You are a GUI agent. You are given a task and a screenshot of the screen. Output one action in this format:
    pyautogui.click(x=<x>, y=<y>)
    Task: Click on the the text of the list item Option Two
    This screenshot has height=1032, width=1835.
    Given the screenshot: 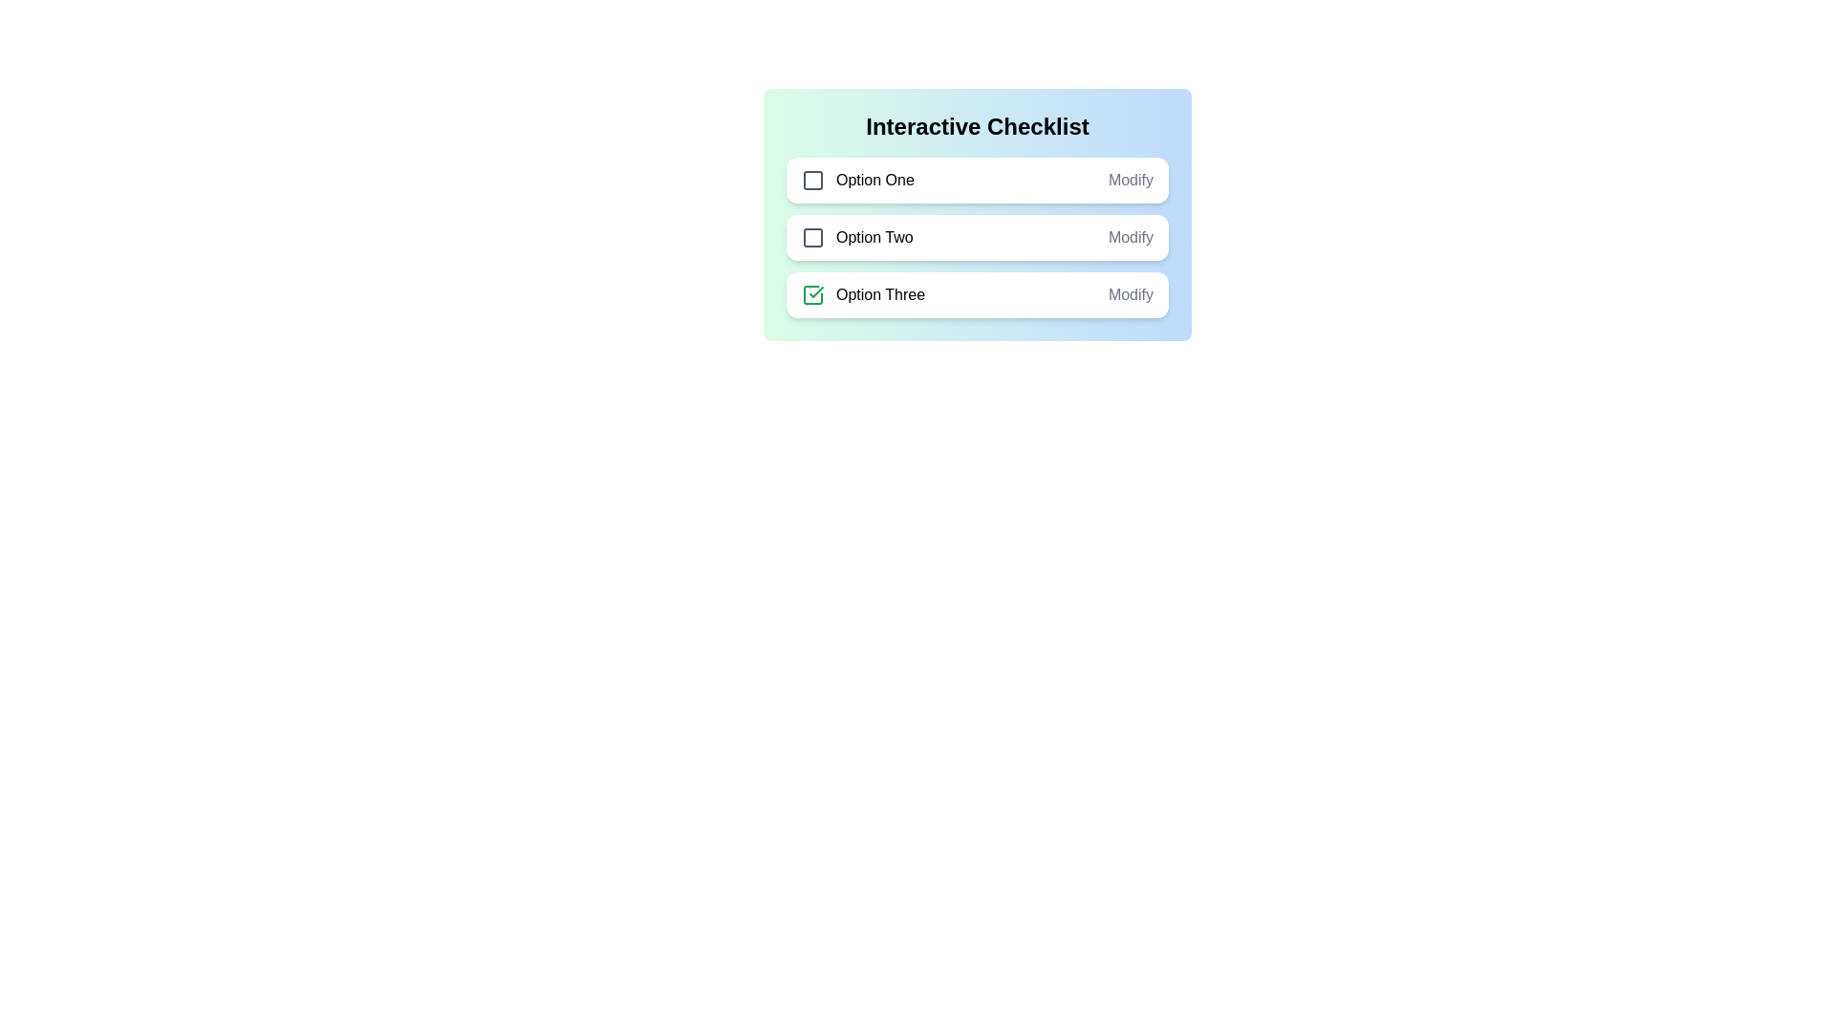 What is the action you would take?
    pyautogui.click(x=856, y=237)
    